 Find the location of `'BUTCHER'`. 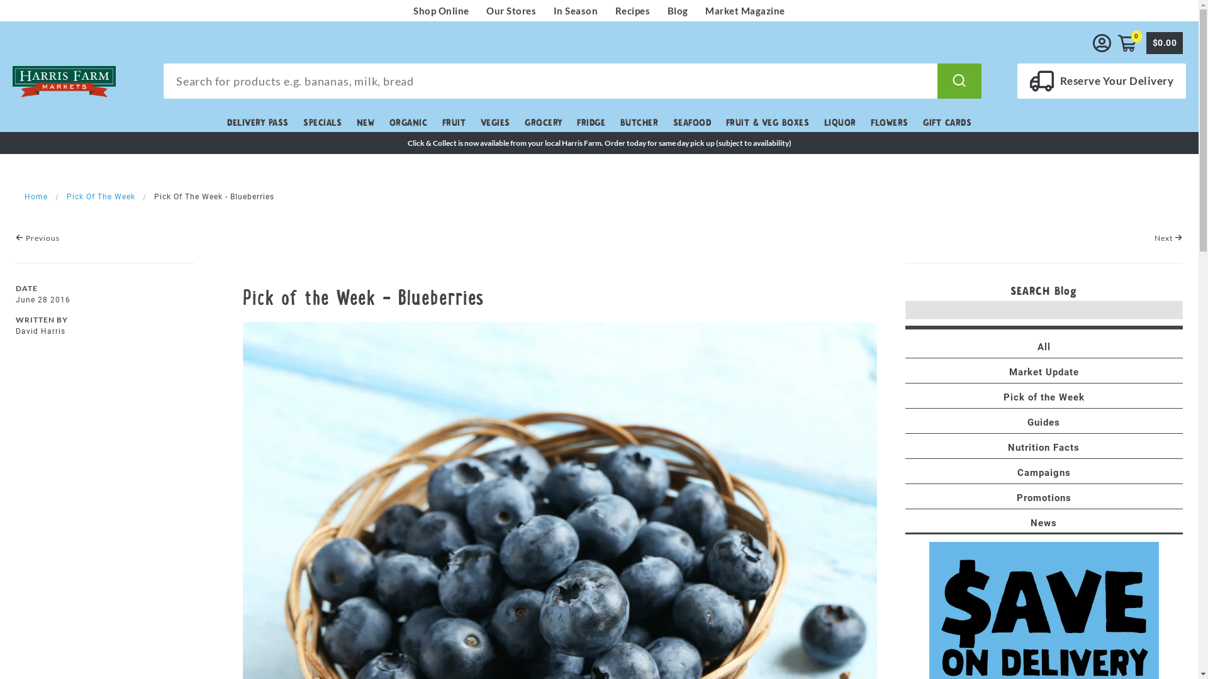

'BUTCHER' is located at coordinates (639, 123).